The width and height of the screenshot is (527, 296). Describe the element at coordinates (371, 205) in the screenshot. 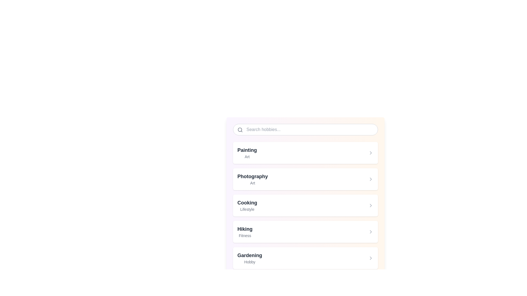

I see `the chevron icon at the bottom of the 'Cooking' card` at that location.